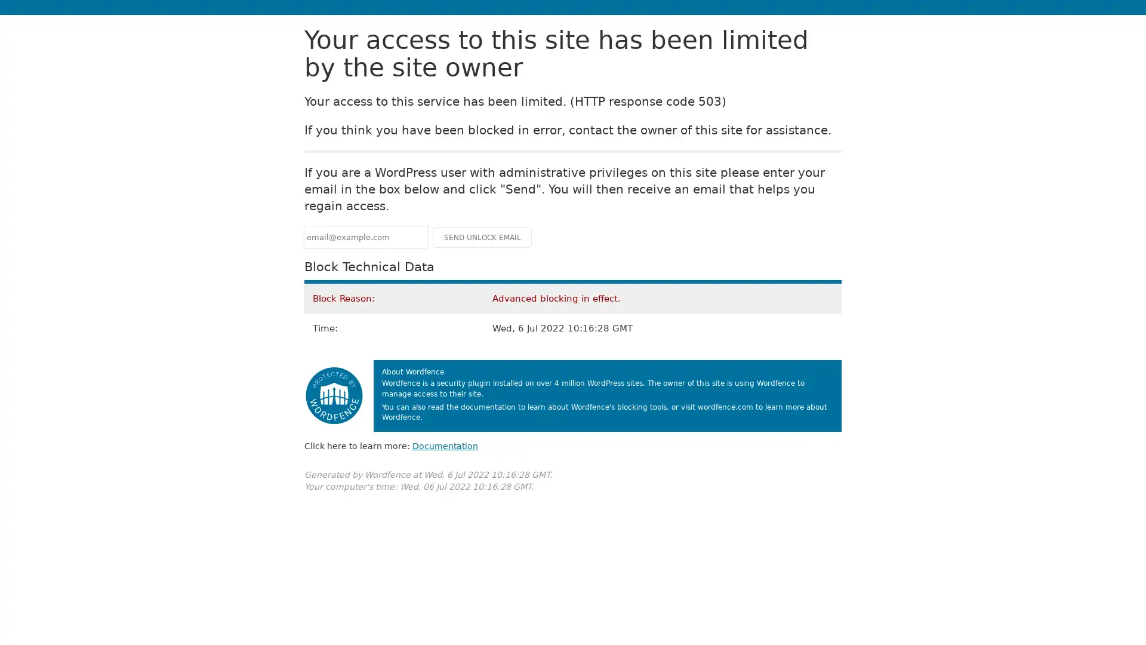  What do you see at coordinates (482, 237) in the screenshot?
I see `Send Unlock Email` at bounding box center [482, 237].